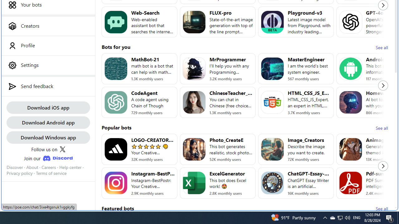 The width and height of the screenshot is (399, 224). What do you see at coordinates (351, 68) in the screenshot?
I see `'Bot image for AndroidAssistant'` at bounding box center [351, 68].